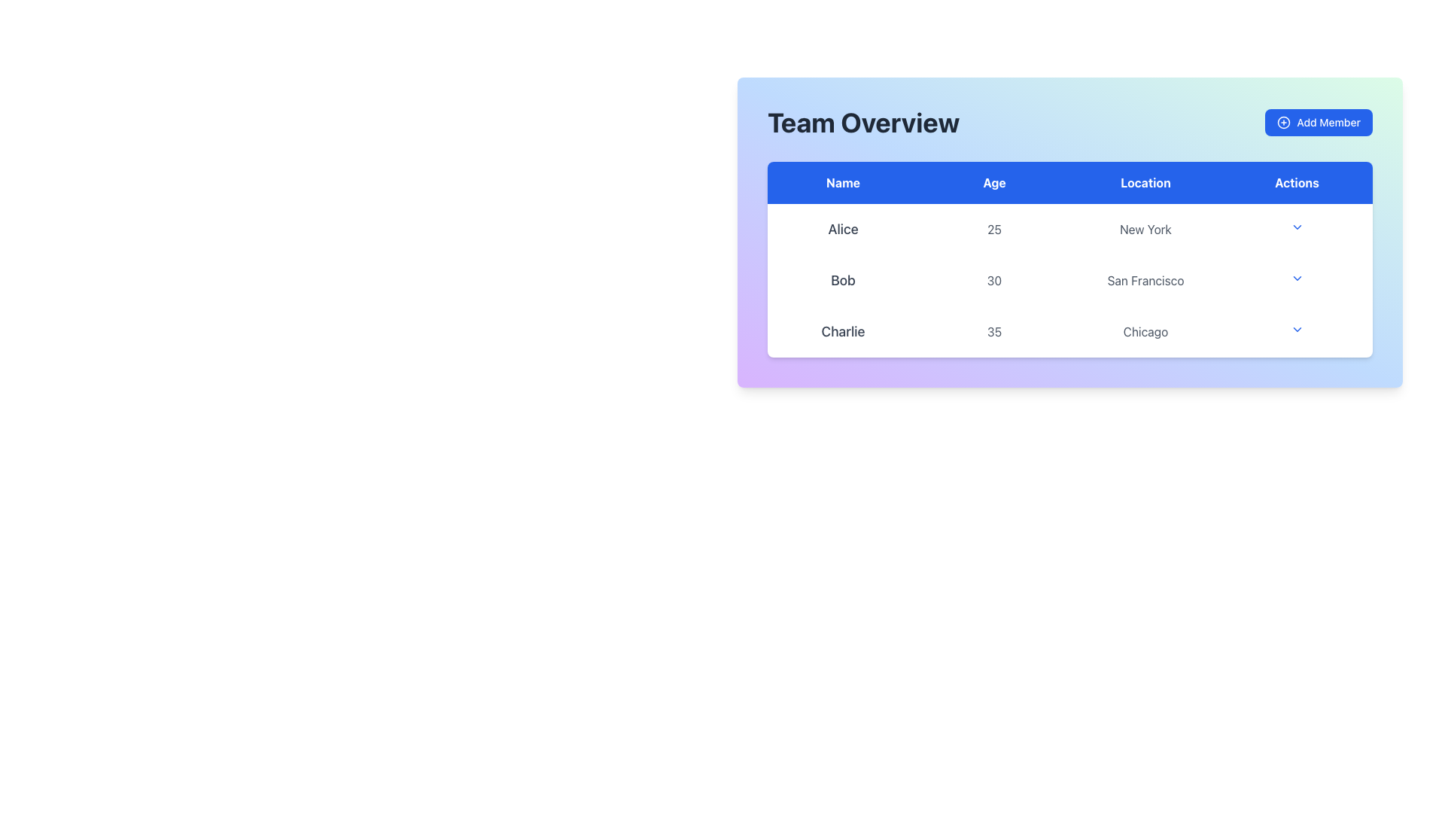  Describe the element at coordinates (994, 182) in the screenshot. I see `the 'Age' Text Label element, which is a blue rectangular section with white text, located in the header row of a table between 'Name' and 'Location'` at that location.